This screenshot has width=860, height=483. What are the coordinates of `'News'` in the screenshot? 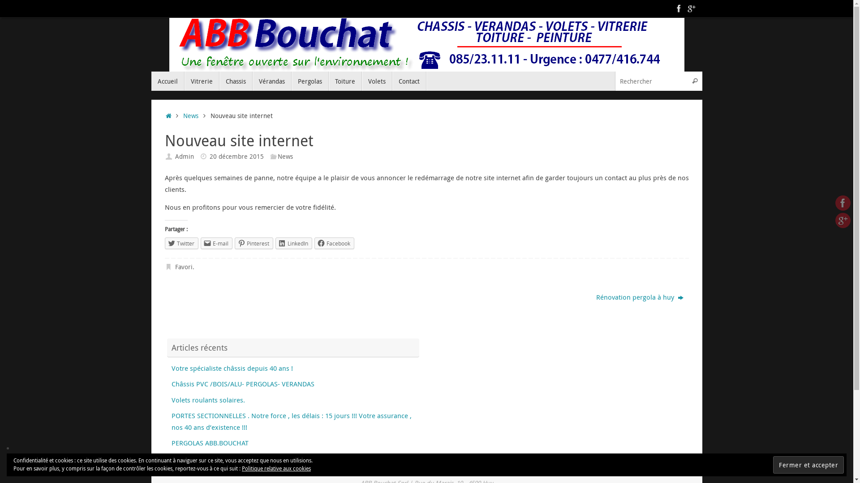 It's located at (182, 115).